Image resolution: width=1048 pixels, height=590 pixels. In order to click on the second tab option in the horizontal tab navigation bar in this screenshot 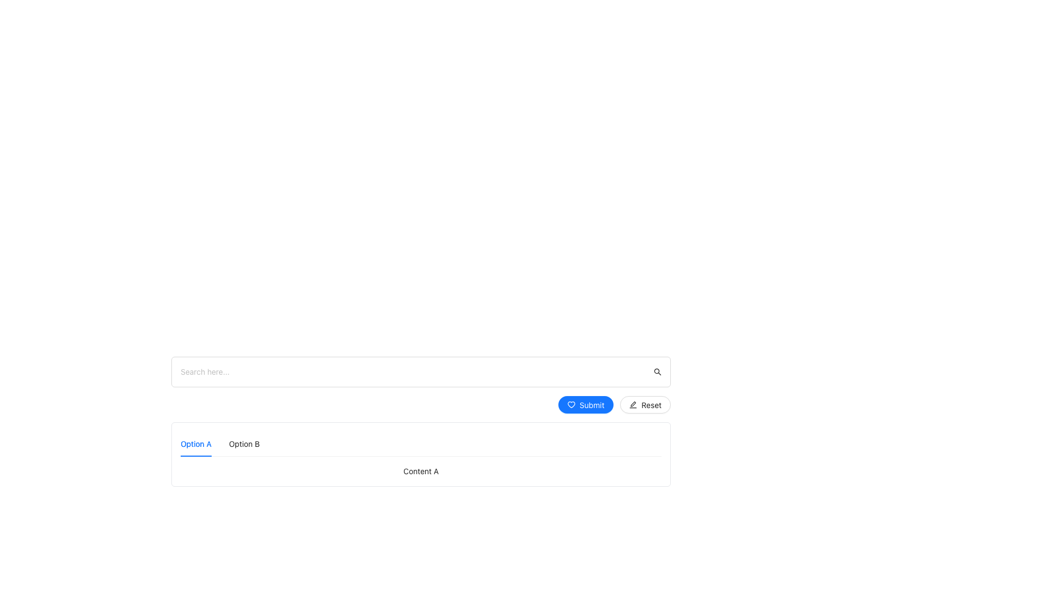, I will do `click(243, 444)`.